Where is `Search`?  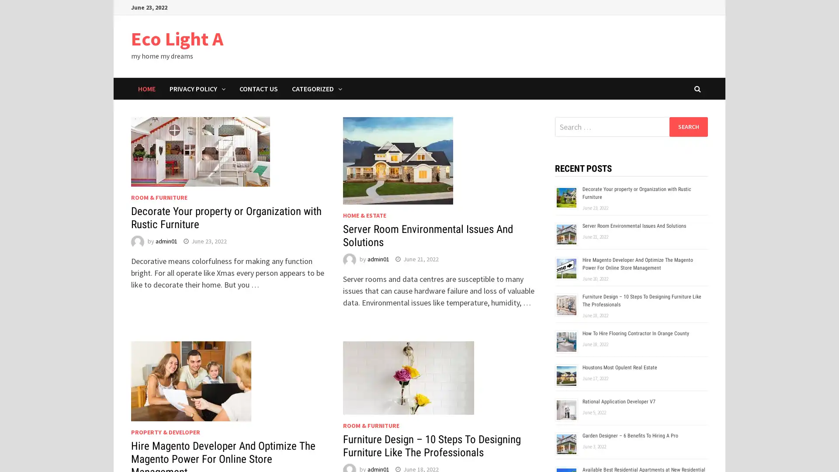 Search is located at coordinates (688, 126).